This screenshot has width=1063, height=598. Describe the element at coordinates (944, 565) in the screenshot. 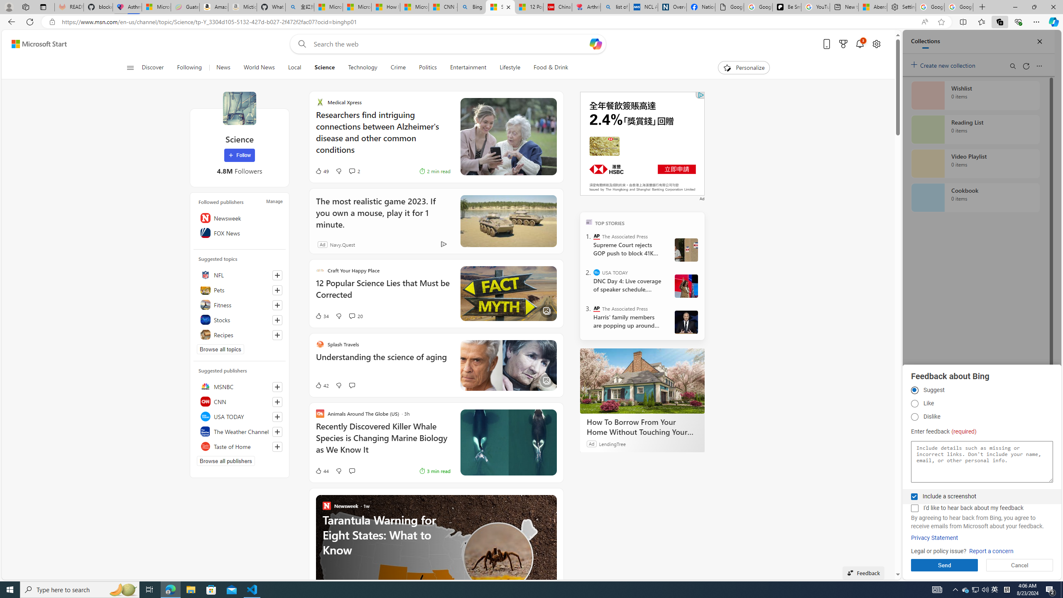

I see `'Send'` at that location.